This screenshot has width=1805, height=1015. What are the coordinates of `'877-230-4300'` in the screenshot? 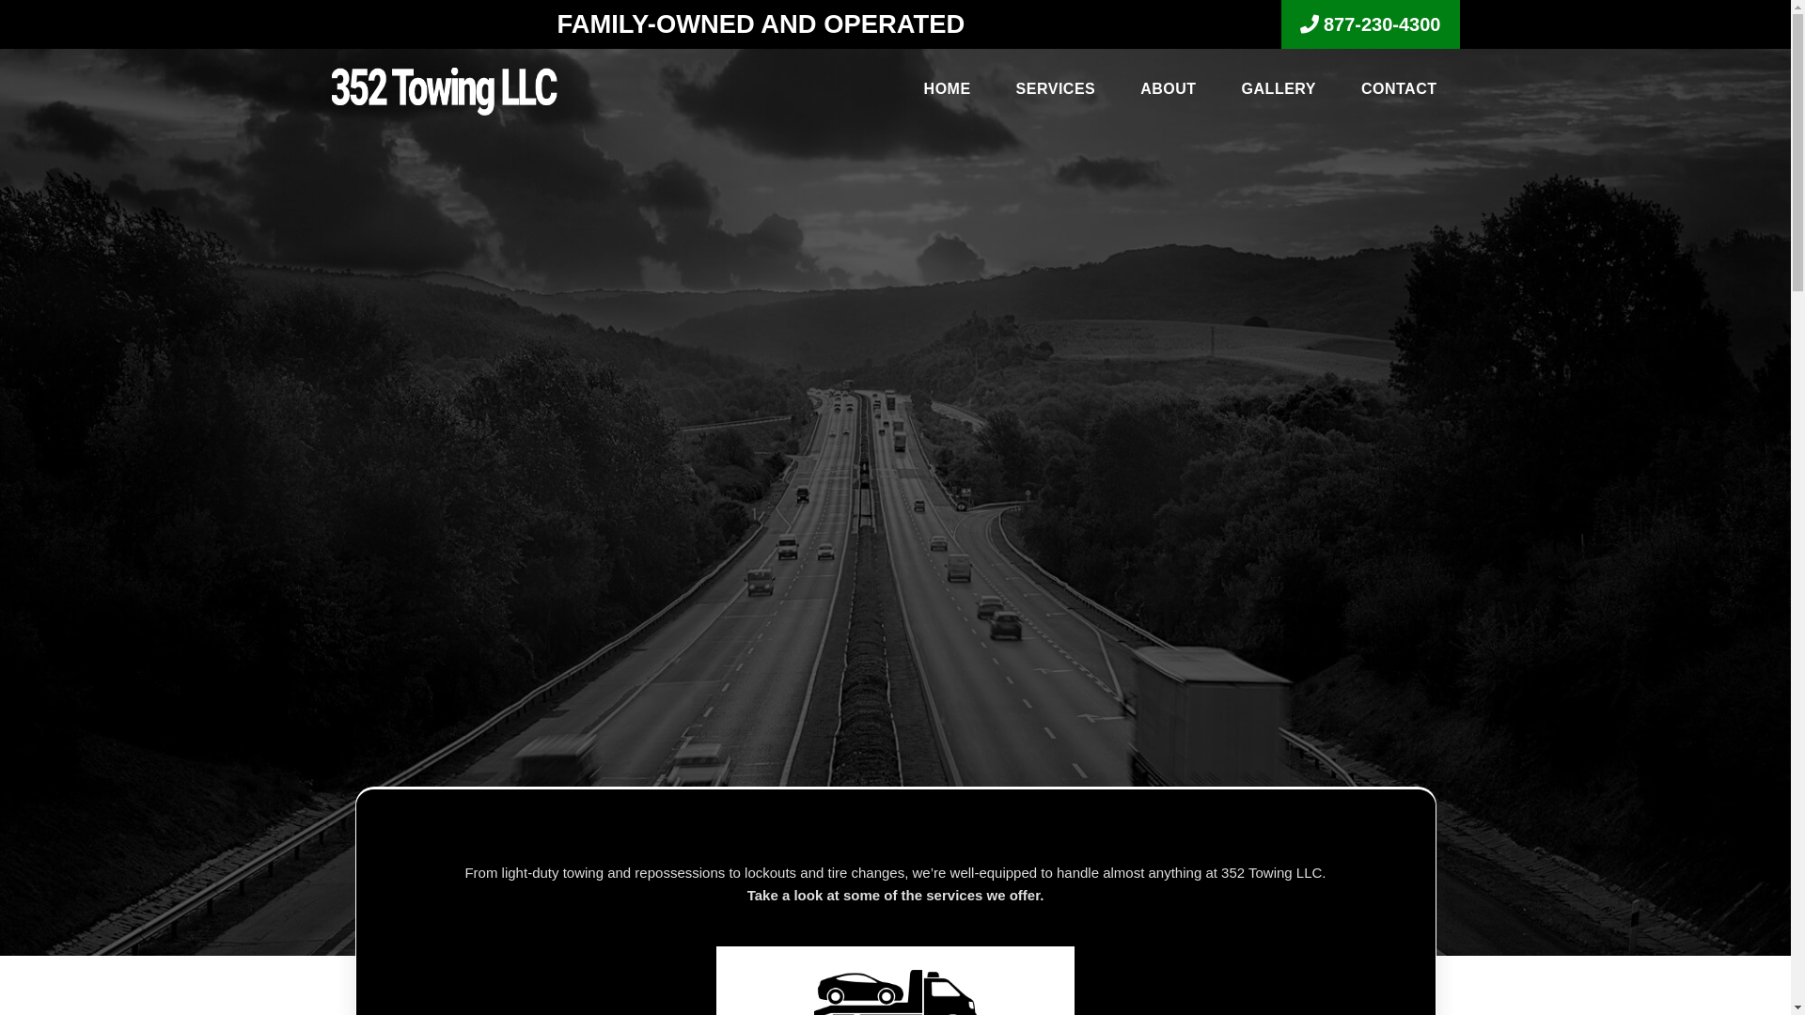 It's located at (1371, 24).